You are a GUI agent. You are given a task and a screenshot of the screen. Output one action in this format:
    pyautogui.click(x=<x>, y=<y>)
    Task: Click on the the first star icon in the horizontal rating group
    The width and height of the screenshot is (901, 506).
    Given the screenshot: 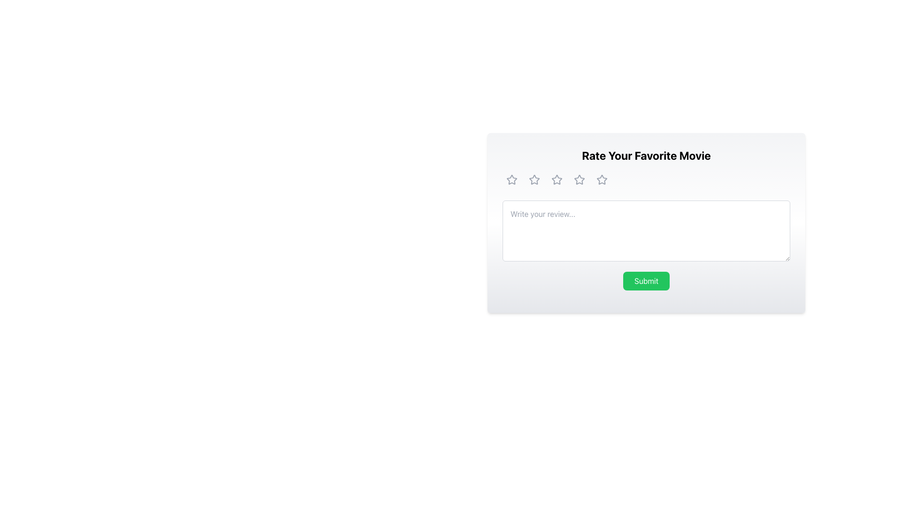 What is the action you would take?
    pyautogui.click(x=511, y=179)
    